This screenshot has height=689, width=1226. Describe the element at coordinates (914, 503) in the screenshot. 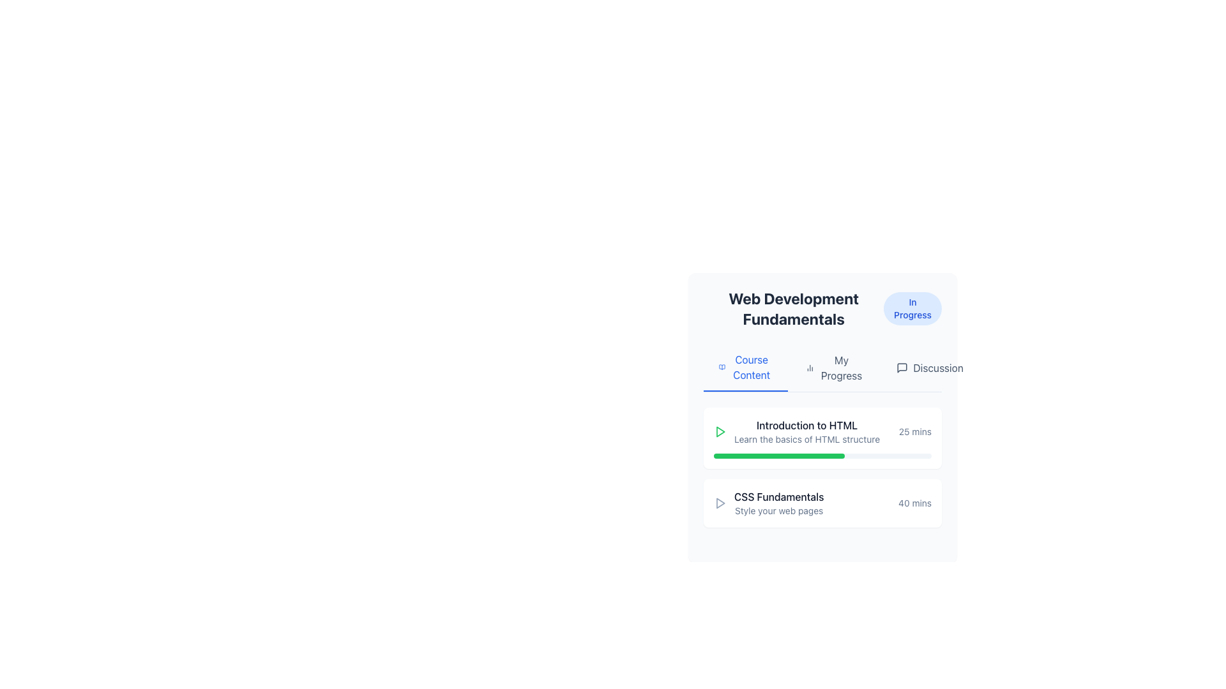

I see `the text label displaying '40 mins' in light gray font located in the bottom-right portion of the 'CSS Fundamentals' block` at that location.